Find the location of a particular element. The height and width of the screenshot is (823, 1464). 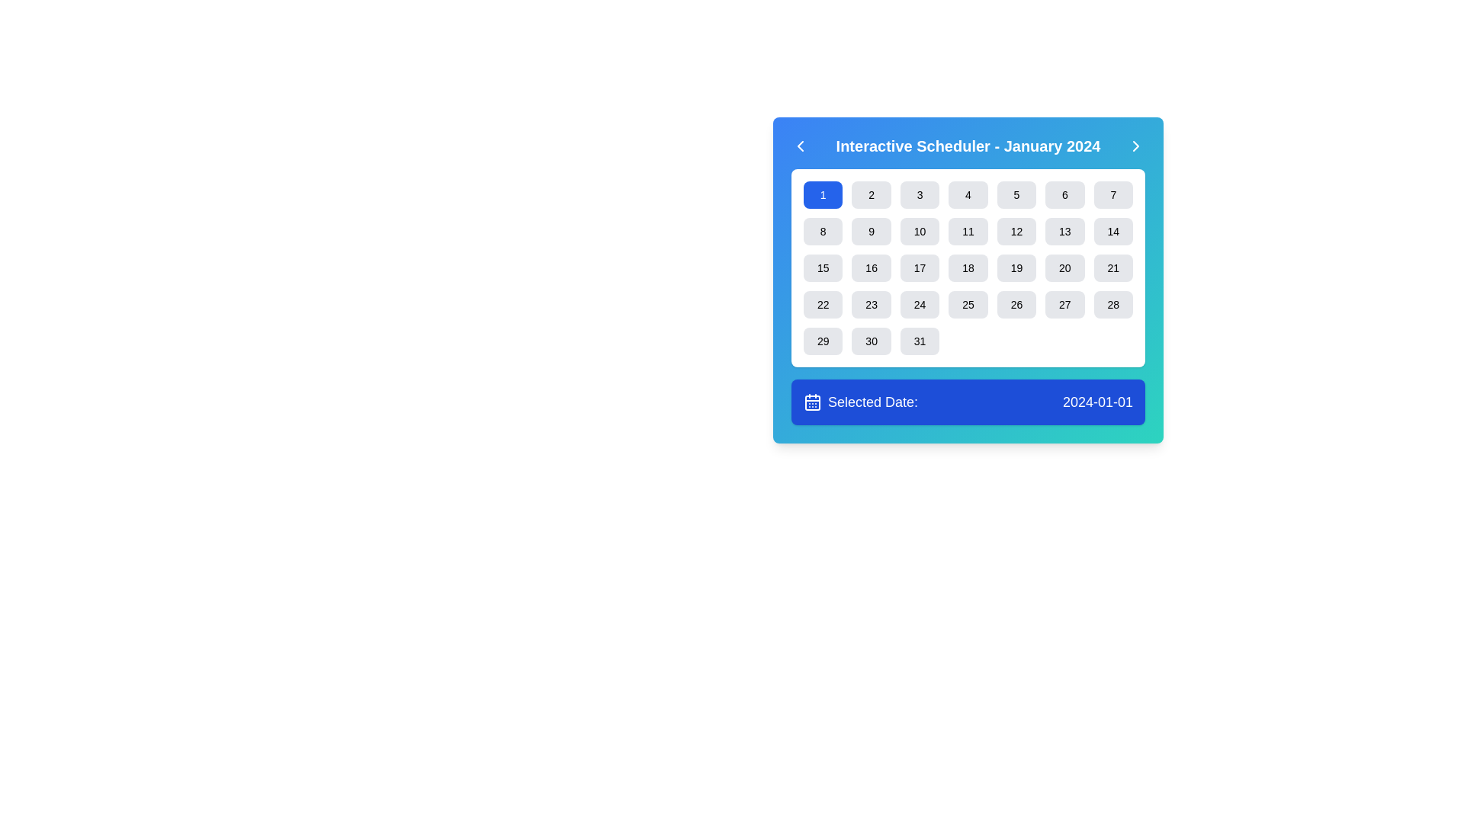

the button labeled '8' in the calendar grid, which has a light gray background and rounded corners is located at coordinates (822, 232).